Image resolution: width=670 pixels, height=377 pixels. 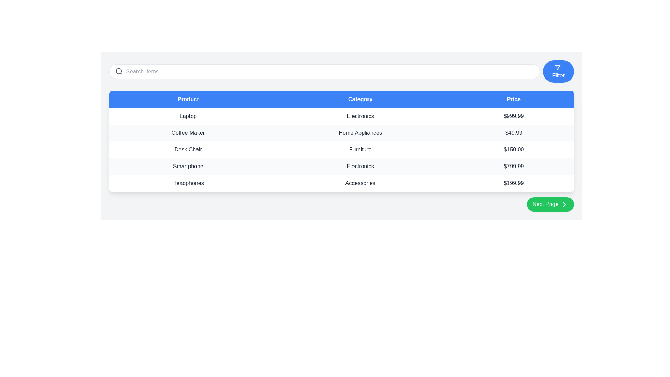 What do you see at coordinates (564, 204) in the screenshot?
I see `the chevron arrow icon located at the right end of the 'Next Page' button with a green background` at bounding box center [564, 204].